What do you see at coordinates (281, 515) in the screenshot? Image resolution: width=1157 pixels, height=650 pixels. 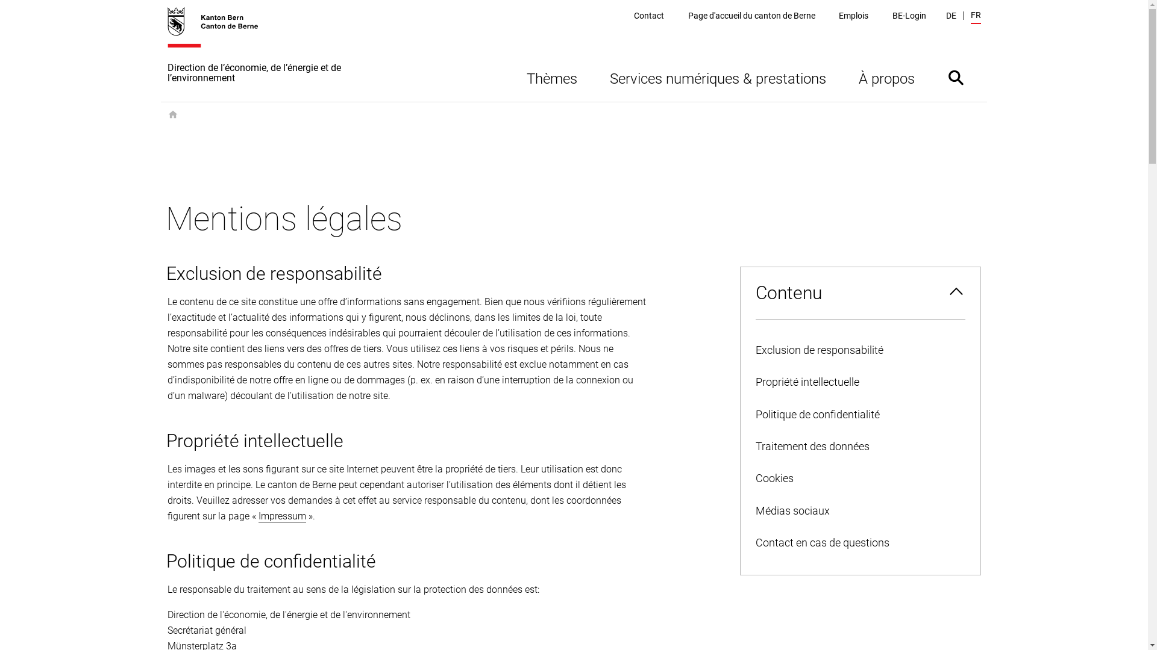 I see `'Impressum'` at bounding box center [281, 515].